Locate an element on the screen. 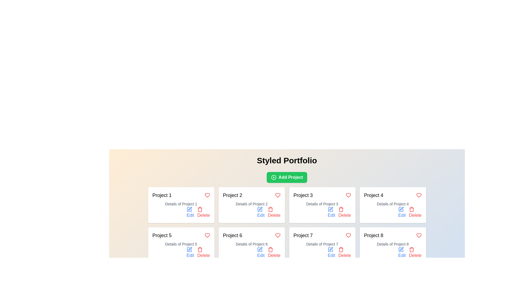 Image resolution: width=521 pixels, height=293 pixels. the text label that describes the 'Project 4' card, located in the top-right section of the grid layout is located at coordinates (393, 204).